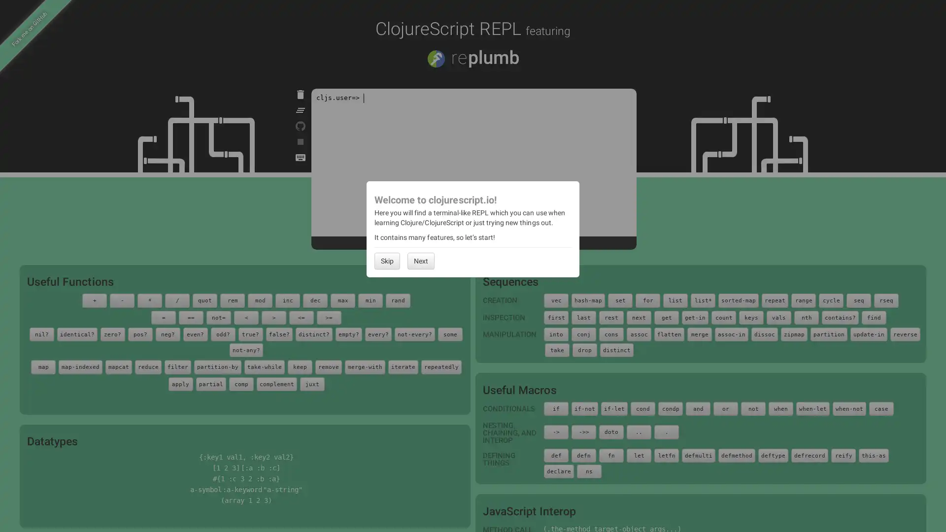  I want to click on >, so click(274, 317).